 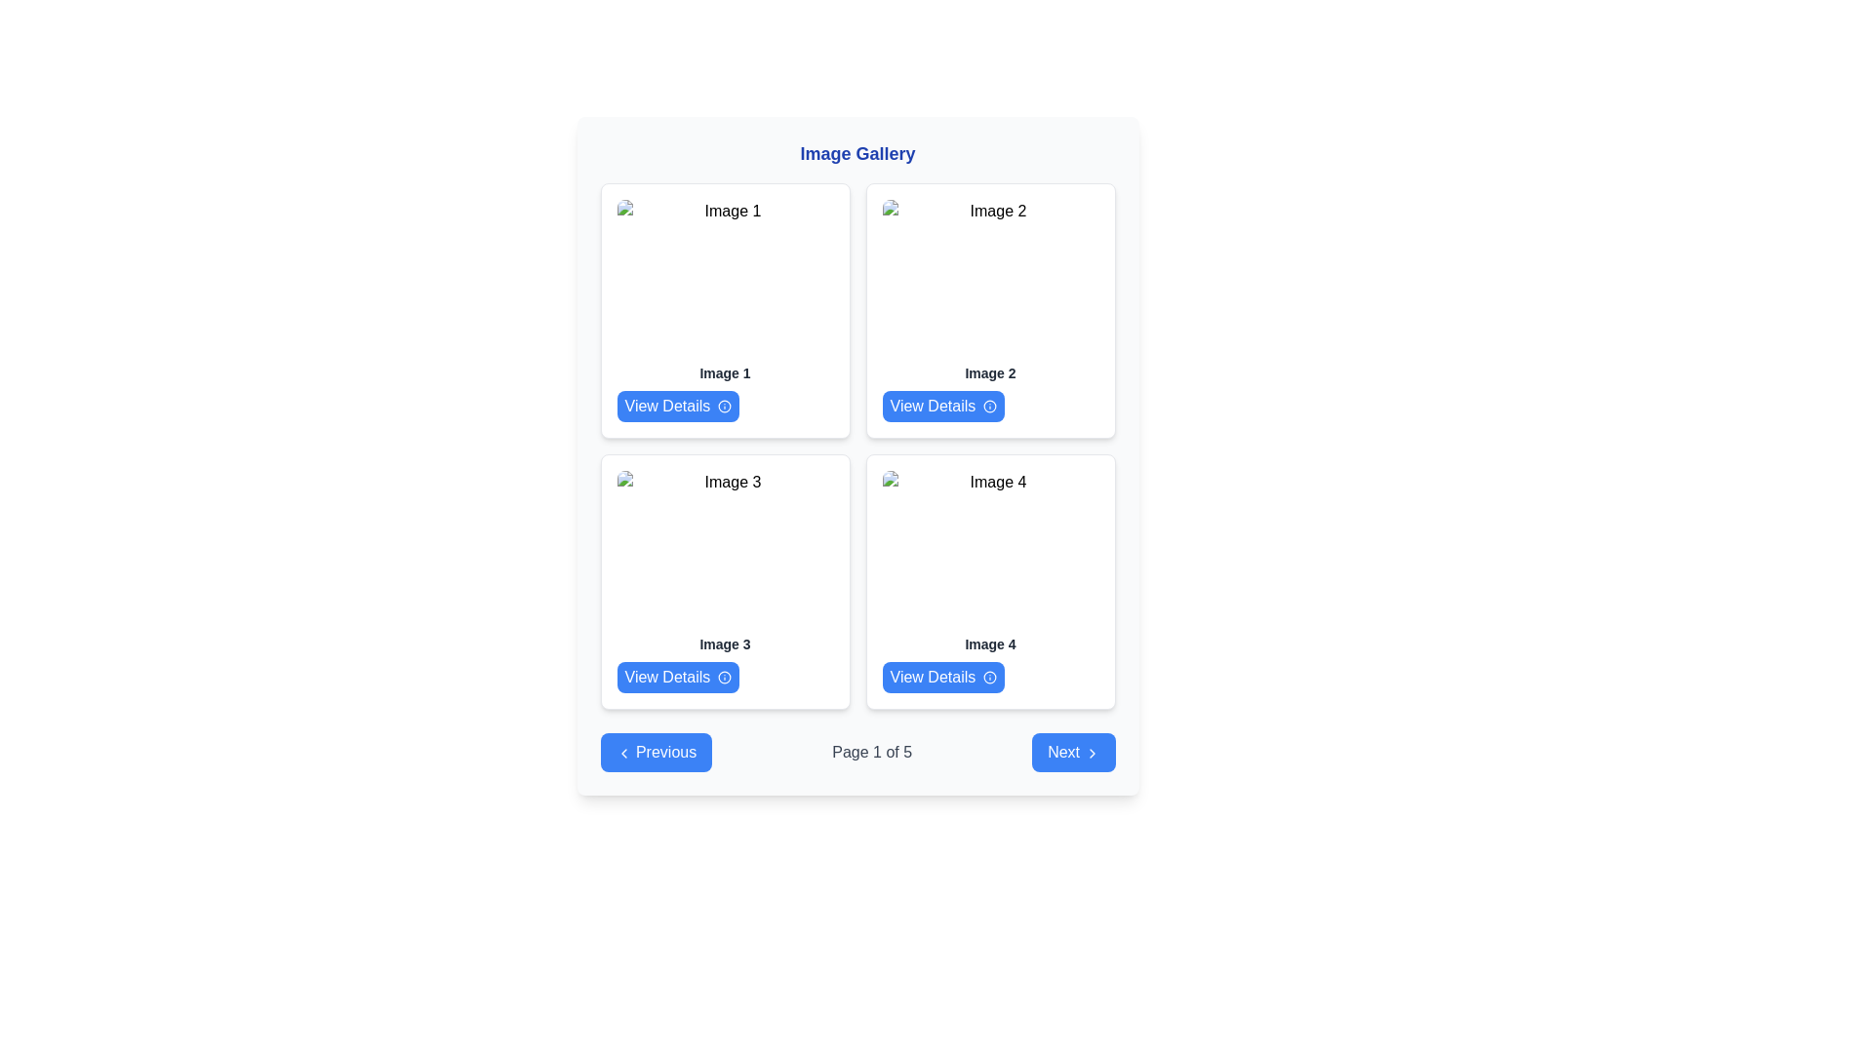 I want to click on the information icon, which is styled with a circular boundary and positioned at the far-right edge of the 'View Details' button in the first card of the grid, so click(x=724, y=405).